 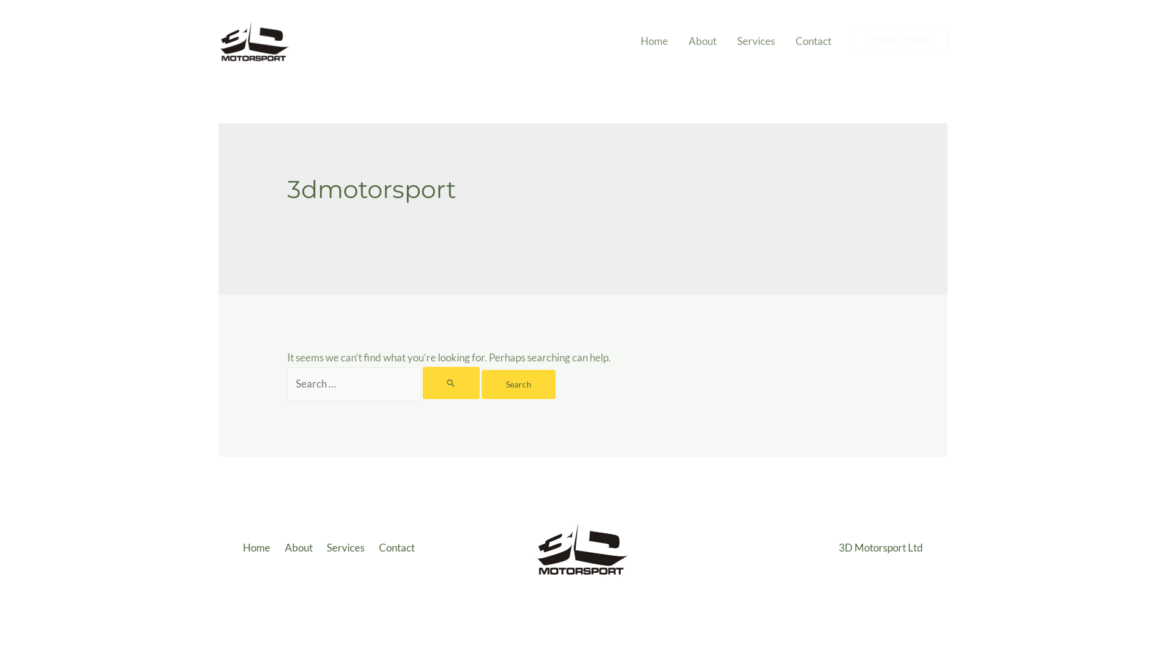 What do you see at coordinates (853, 40) in the screenshot?
I see `'01824 710381'` at bounding box center [853, 40].